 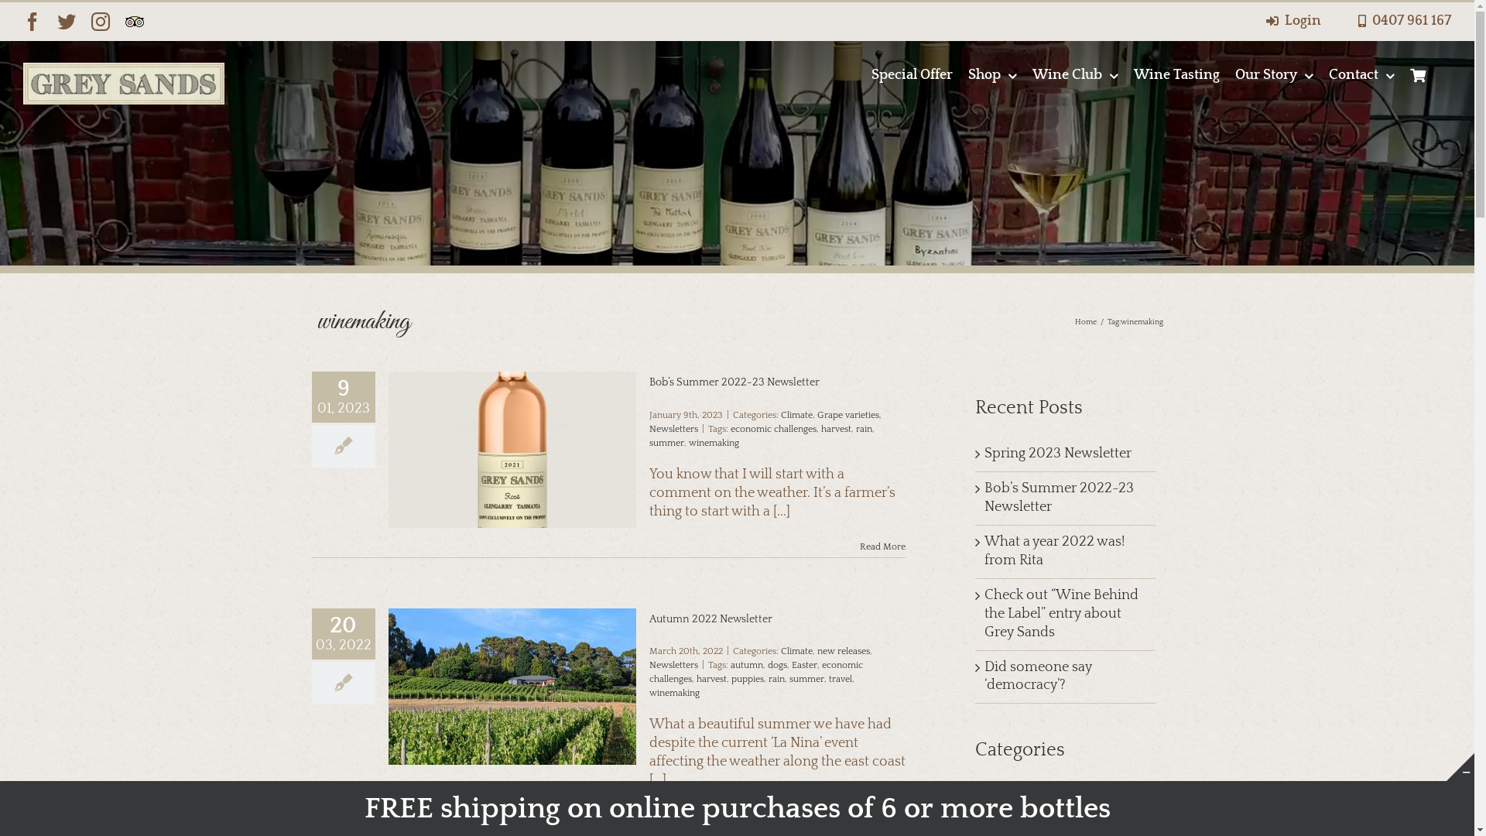 What do you see at coordinates (673, 429) in the screenshot?
I see `'Newsletters'` at bounding box center [673, 429].